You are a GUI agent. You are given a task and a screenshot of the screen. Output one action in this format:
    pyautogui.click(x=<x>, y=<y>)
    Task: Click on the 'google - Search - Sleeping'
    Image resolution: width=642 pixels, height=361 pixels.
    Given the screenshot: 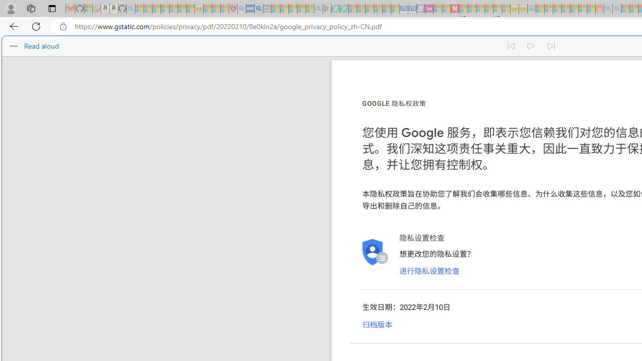 What is the action you would take?
    pyautogui.click(x=317, y=9)
    